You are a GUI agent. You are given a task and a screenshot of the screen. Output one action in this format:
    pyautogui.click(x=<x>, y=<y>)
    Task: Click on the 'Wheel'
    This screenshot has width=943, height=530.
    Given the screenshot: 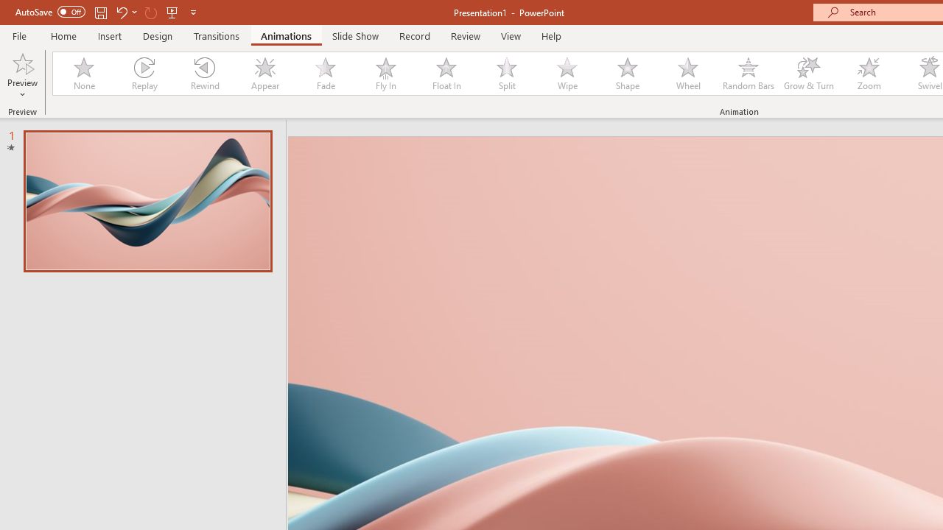 What is the action you would take?
    pyautogui.click(x=687, y=74)
    